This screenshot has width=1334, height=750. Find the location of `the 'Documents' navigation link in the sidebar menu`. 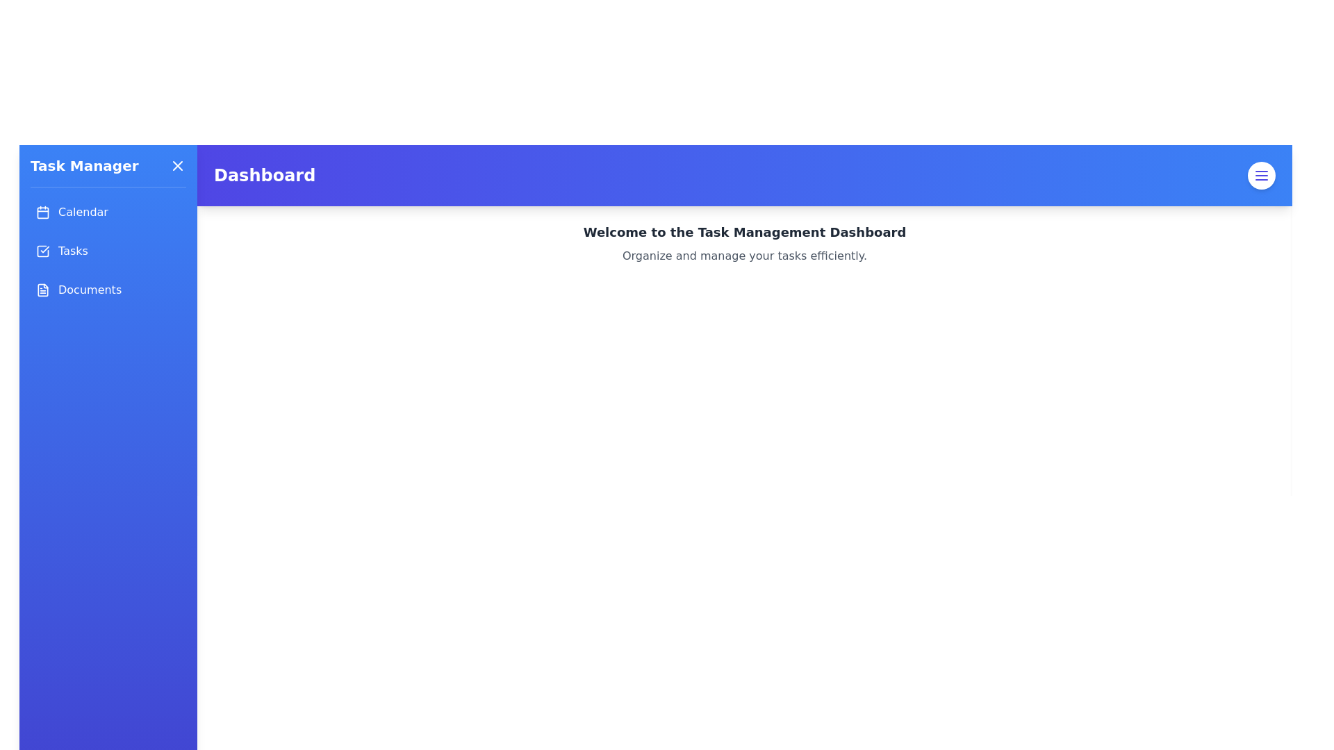

the 'Documents' navigation link in the sidebar menu is located at coordinates (108, 289).